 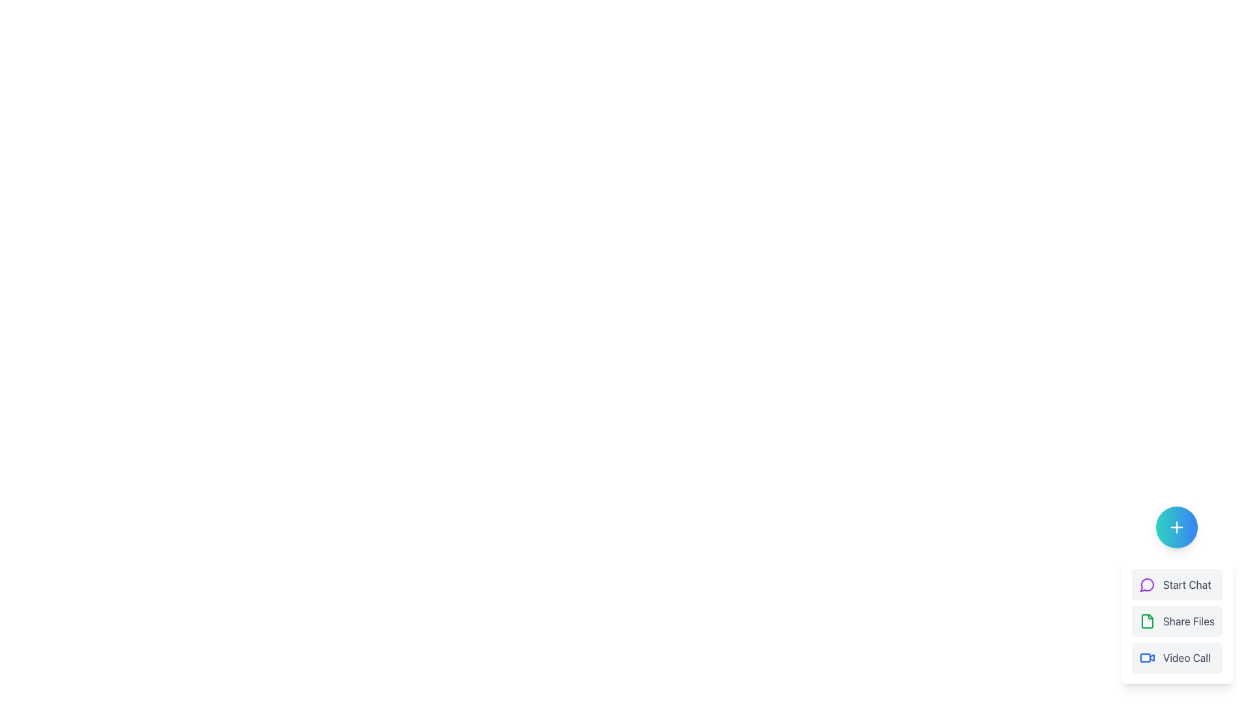 What do you see at coordinates (1189, 621) in the screenshot?
I see `the 'Share Files' text label, which is the second option in a vertically aligned menu beneath the 'Start Chat' option, indicating functionality related to sharing files` at bounding box center [1189, 621].